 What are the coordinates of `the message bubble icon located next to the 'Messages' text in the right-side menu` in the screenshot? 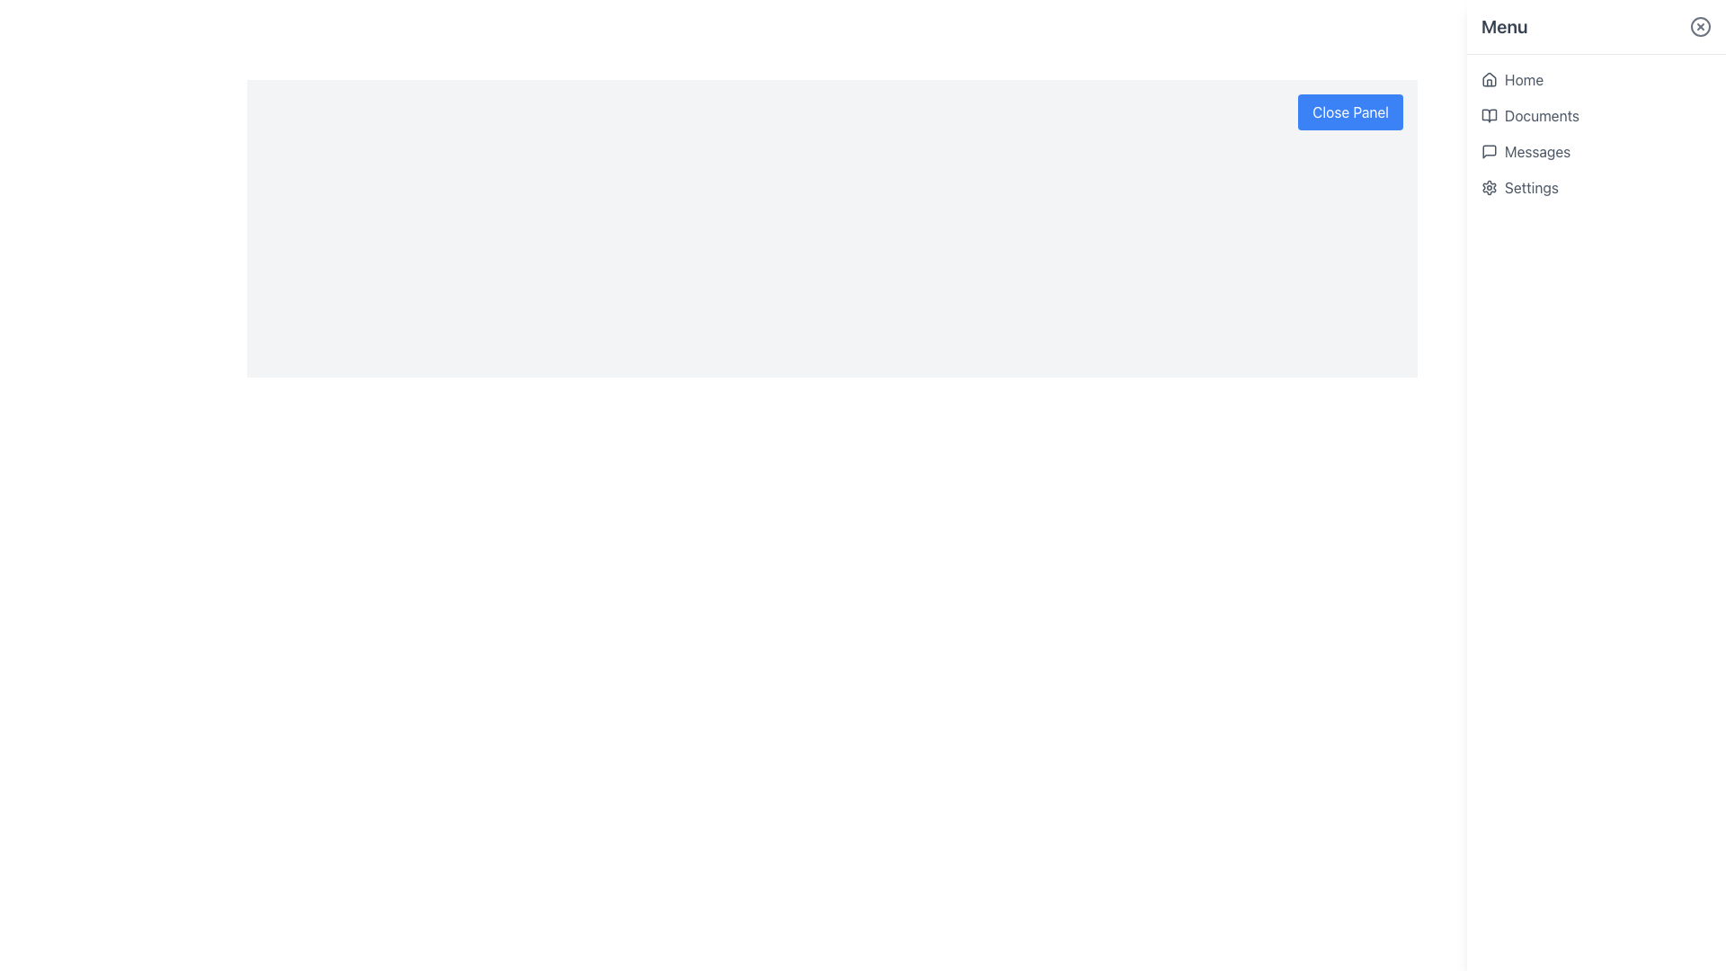 It's located at (1489, 151).